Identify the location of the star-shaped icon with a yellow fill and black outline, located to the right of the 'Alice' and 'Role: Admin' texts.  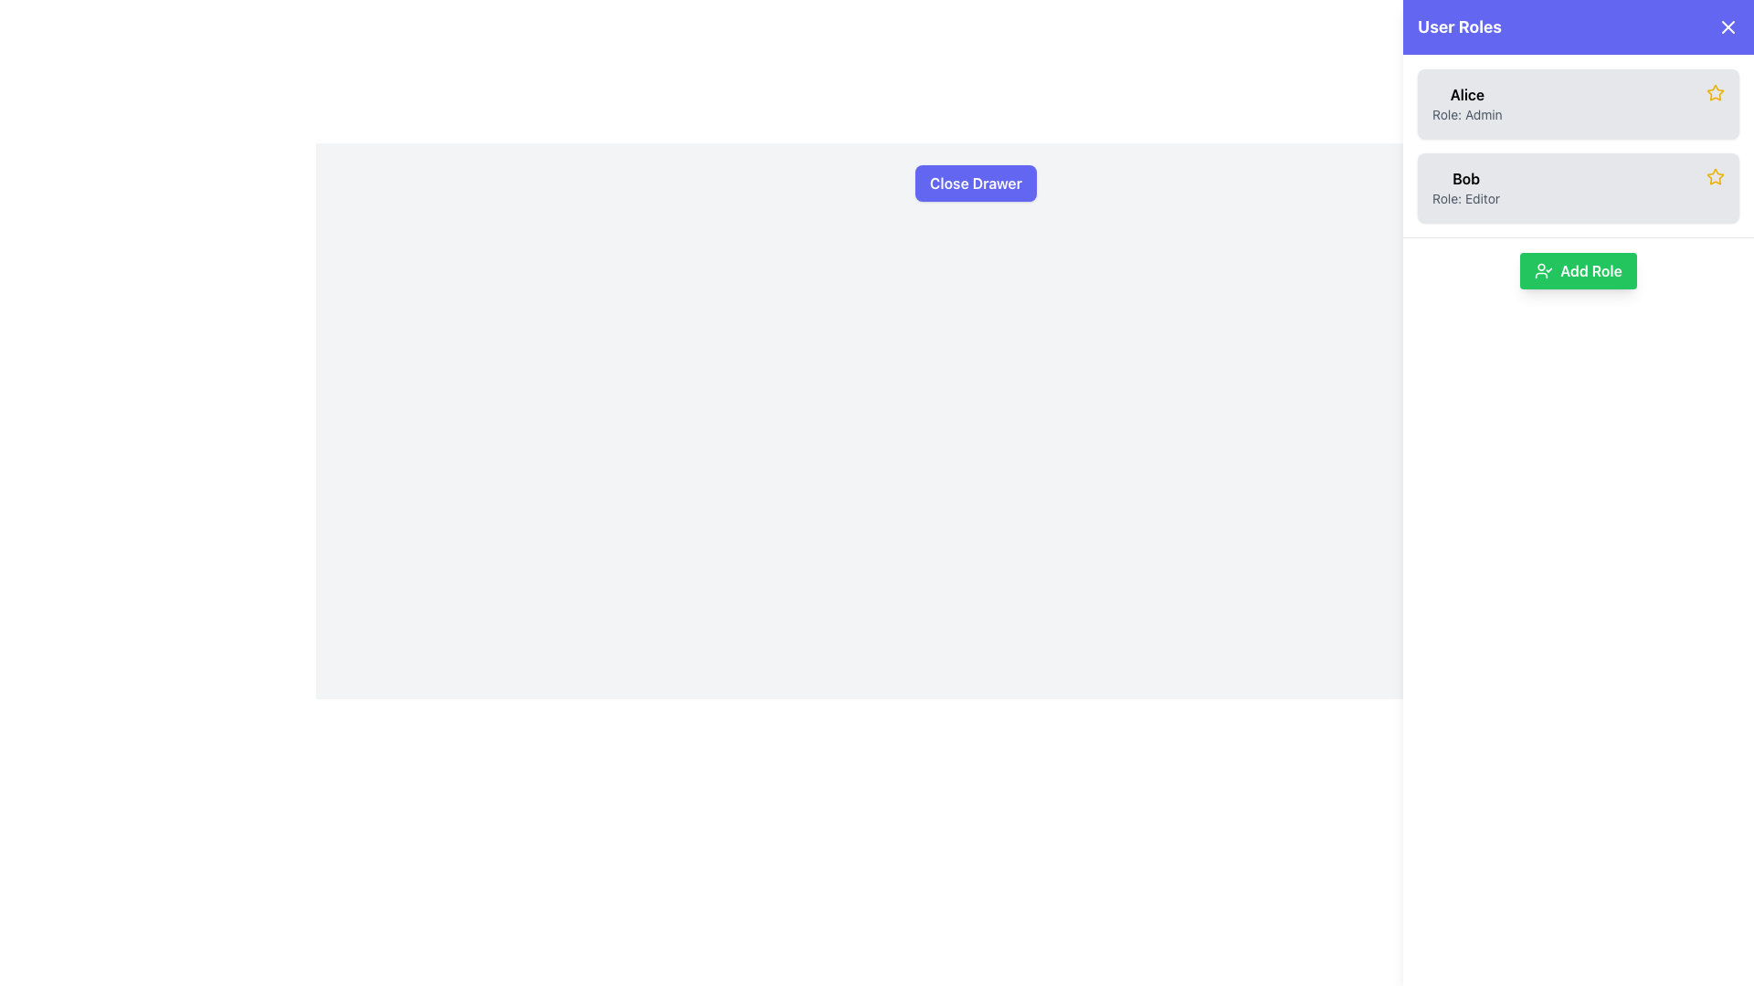
(1714, 92).